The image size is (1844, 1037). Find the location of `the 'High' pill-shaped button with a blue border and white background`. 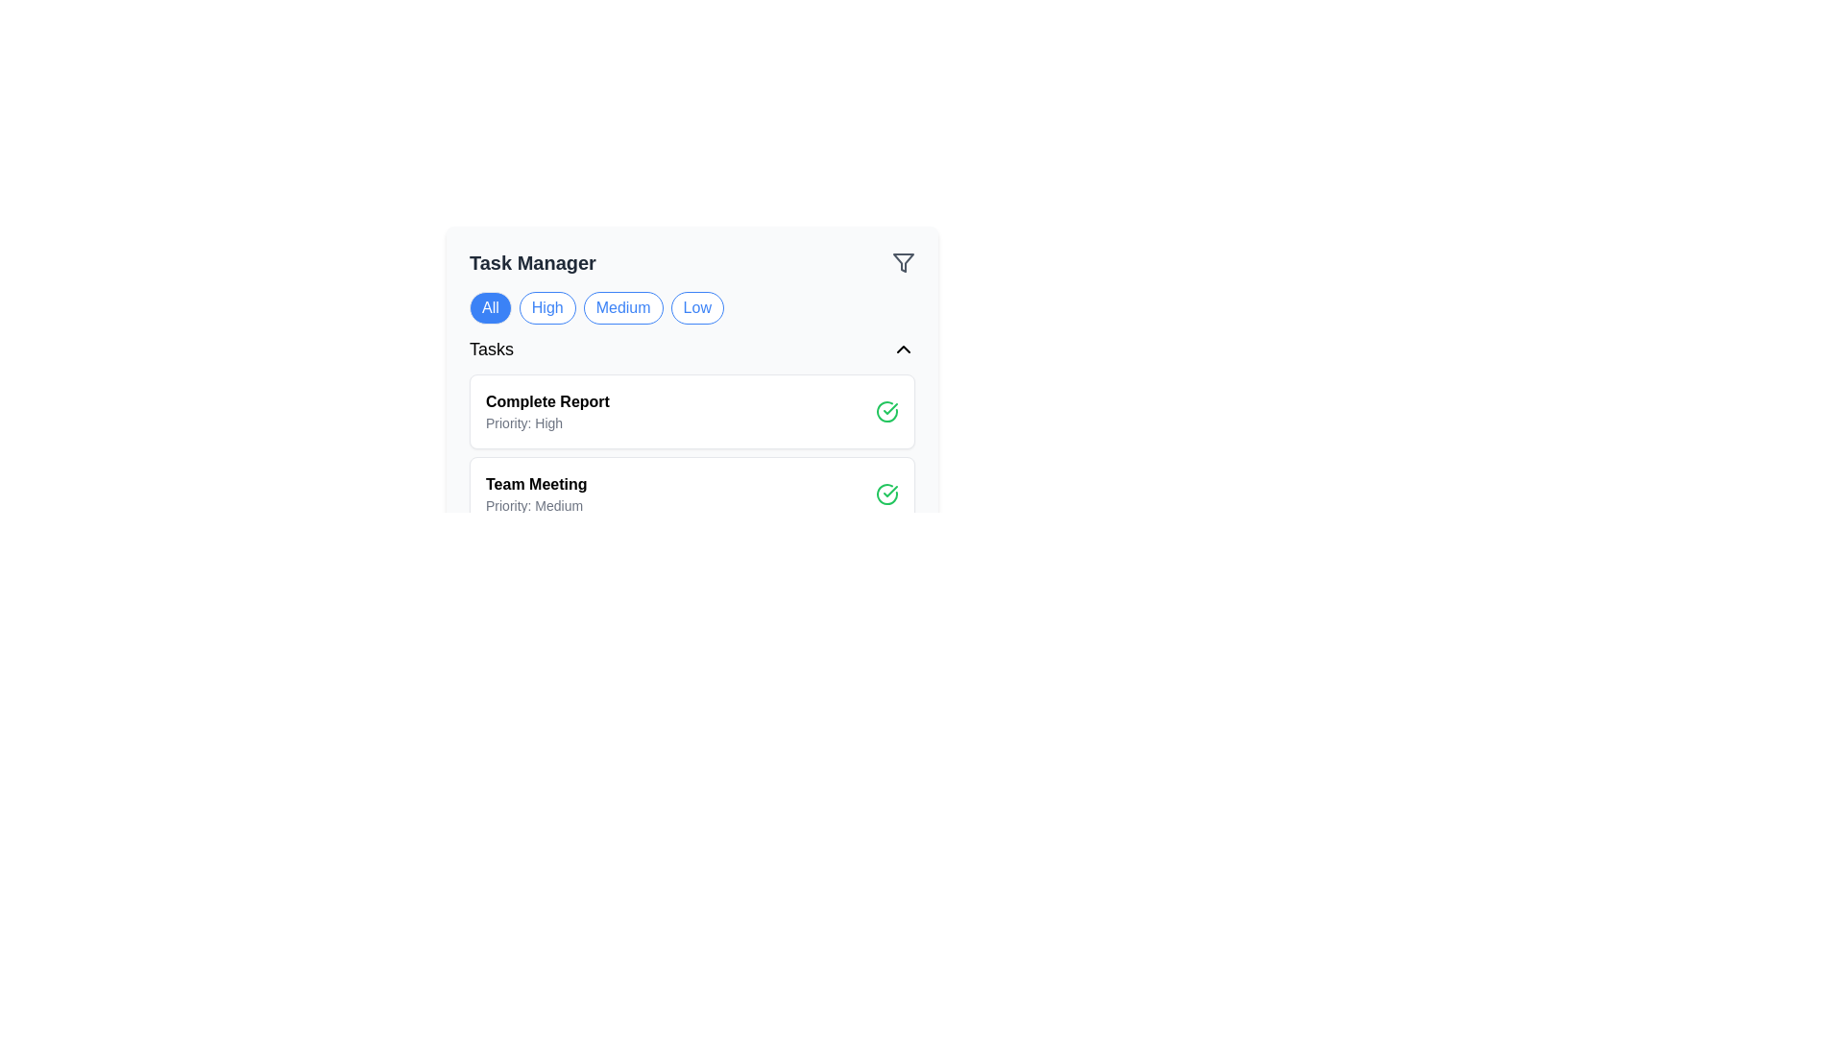

the 'High' pill-shaped button with a blue border and white background is located at coordinates (546, 306).